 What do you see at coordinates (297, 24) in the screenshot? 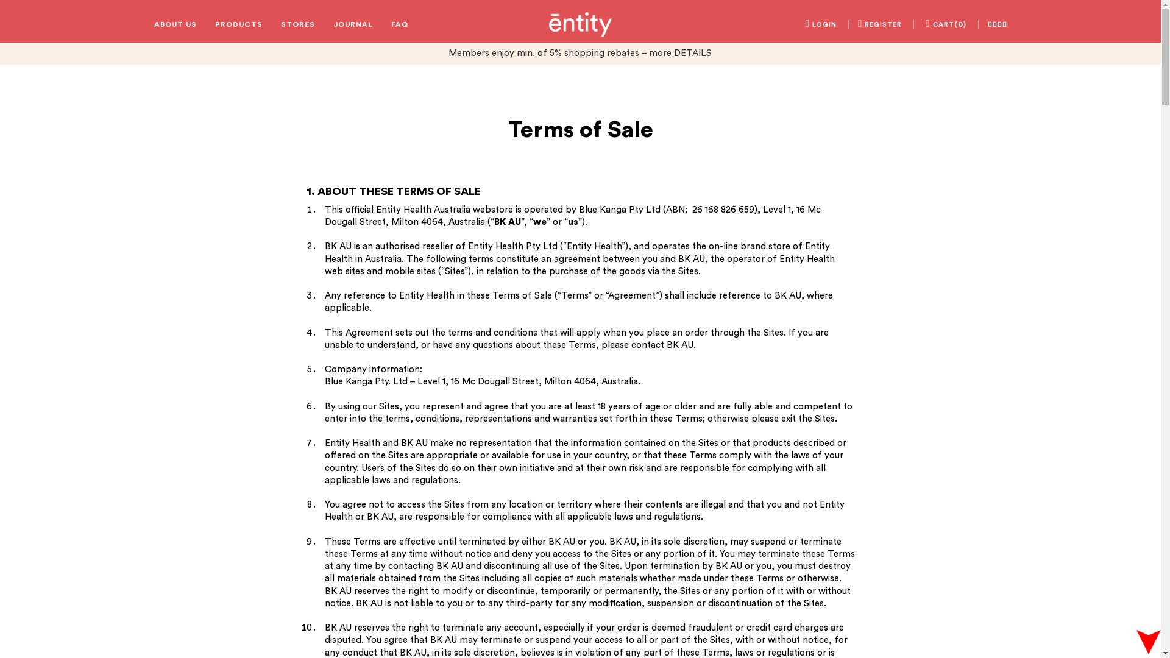
I see `'STORES'` at bounding box center [297, 24].